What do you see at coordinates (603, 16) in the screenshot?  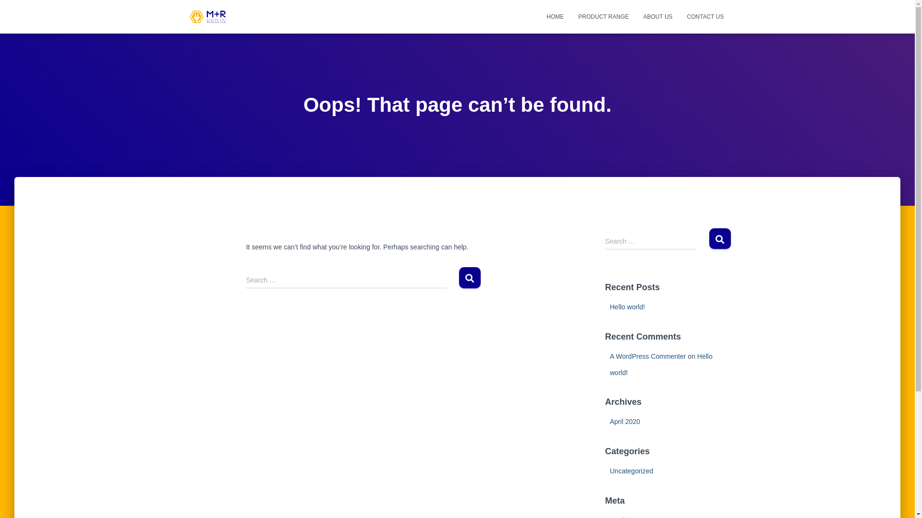 I see `'PRODUCT RANGE'` at bounding box center [603, 16].